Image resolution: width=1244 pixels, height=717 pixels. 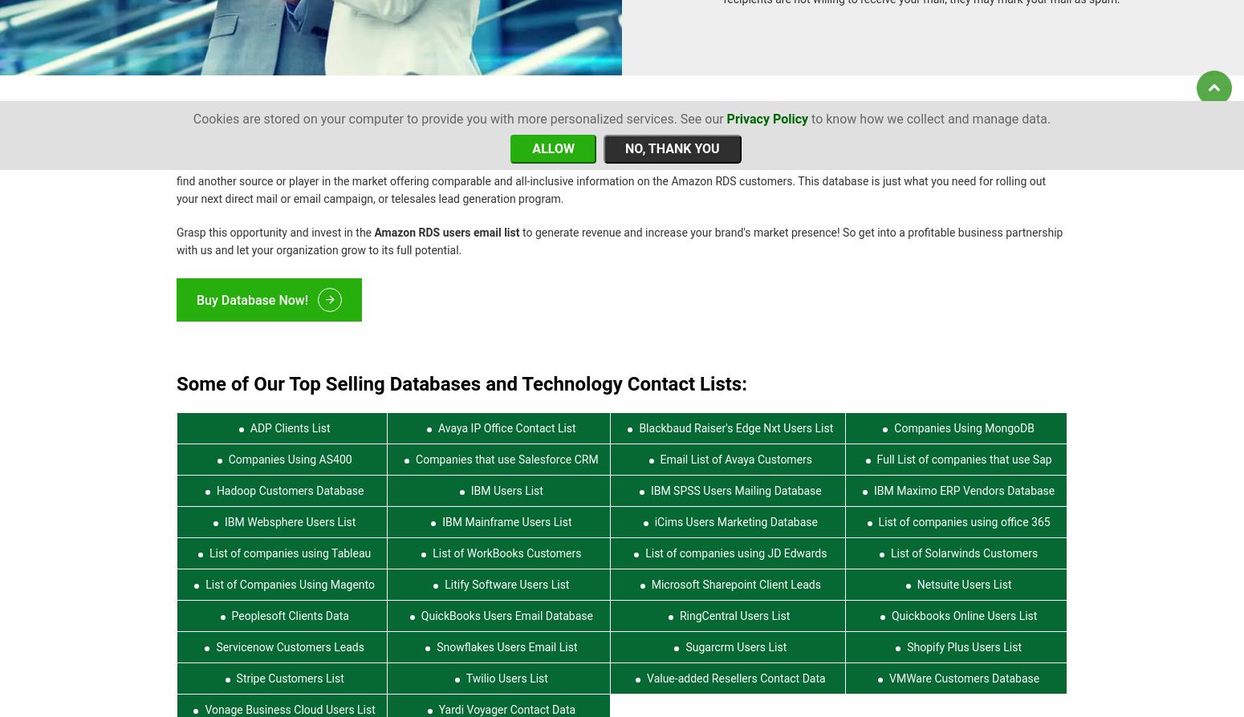 What do you see at coordinates (288, 605) in the screenshot?
I see `'Peoplesoft Clients Data'` at bounding box center [288, 605].